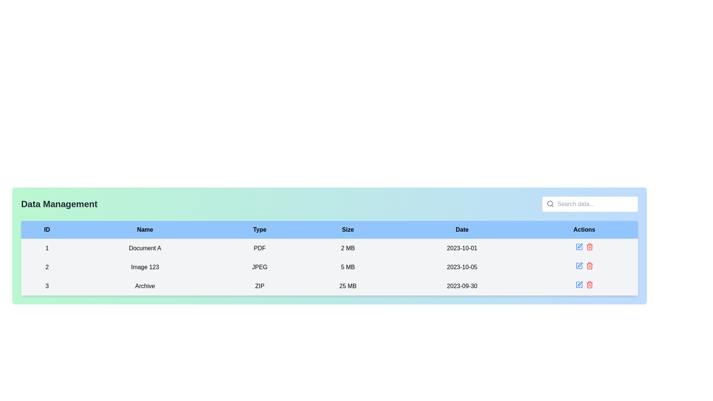 The height and width of the screenshot is (401, 713). I want to click on the second row of the file details table, which contains information about a file, so click(329, 267).